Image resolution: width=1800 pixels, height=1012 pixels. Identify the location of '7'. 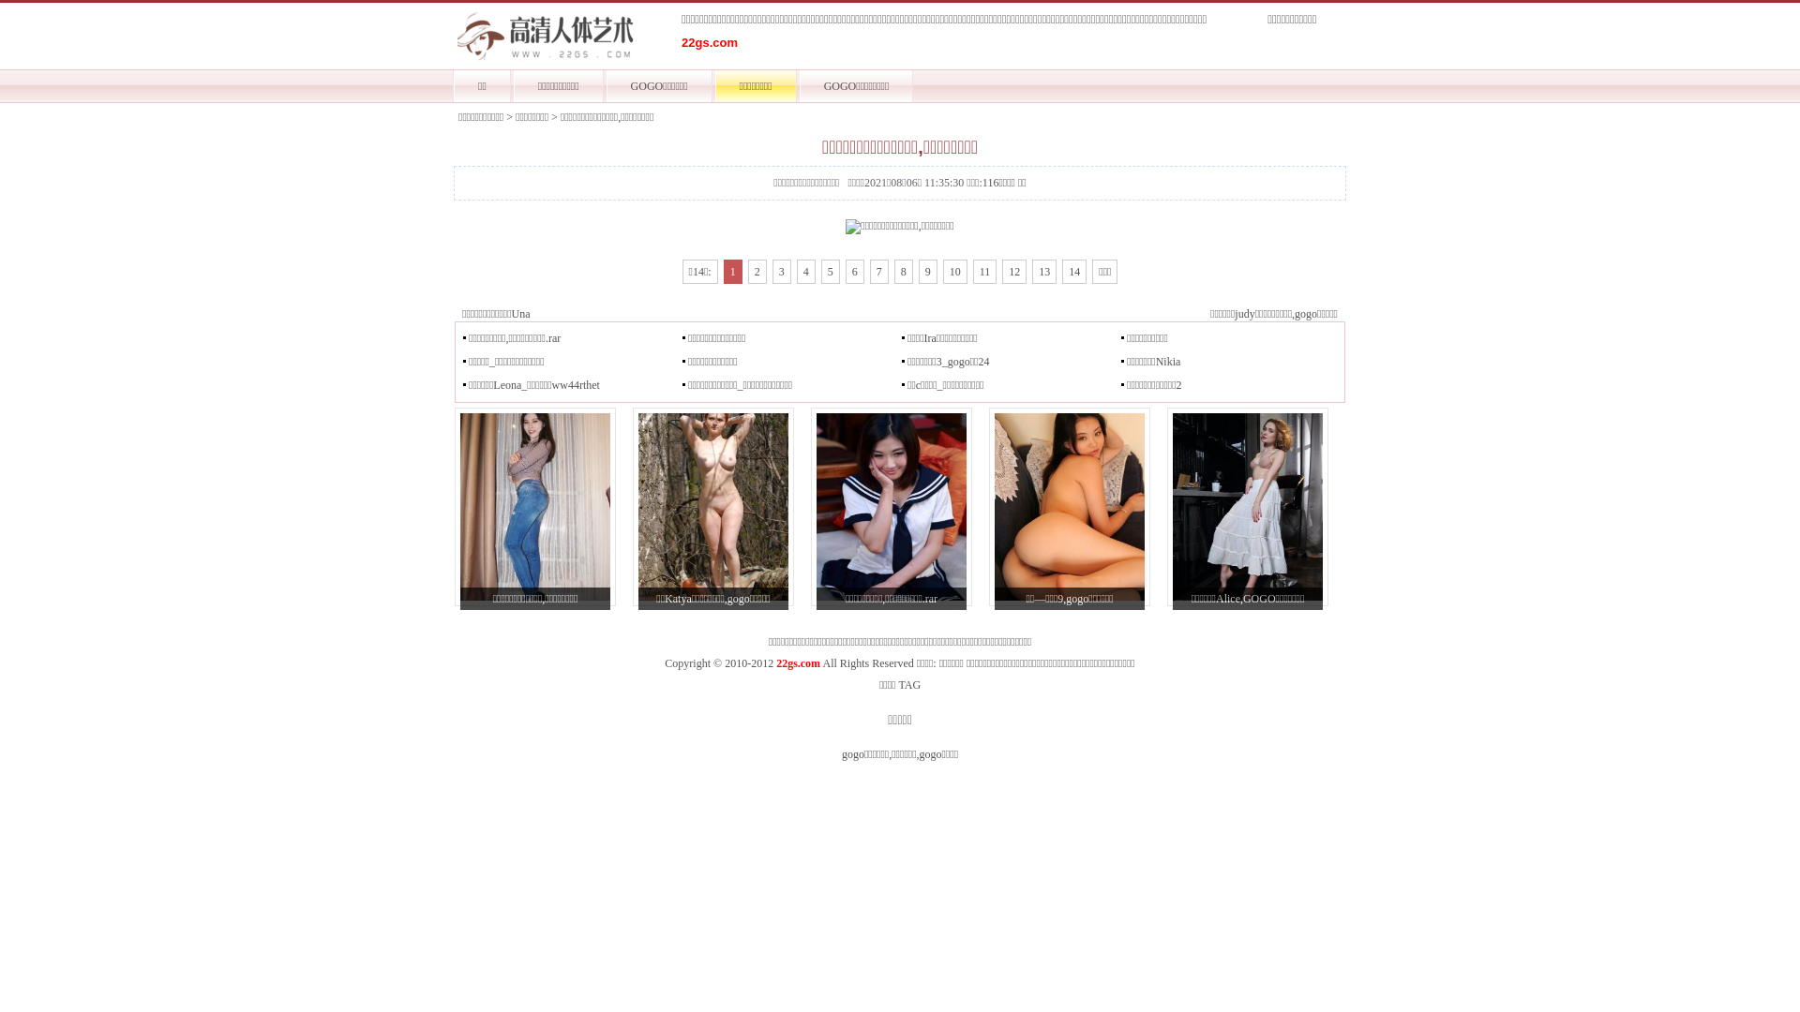
(868, 271).